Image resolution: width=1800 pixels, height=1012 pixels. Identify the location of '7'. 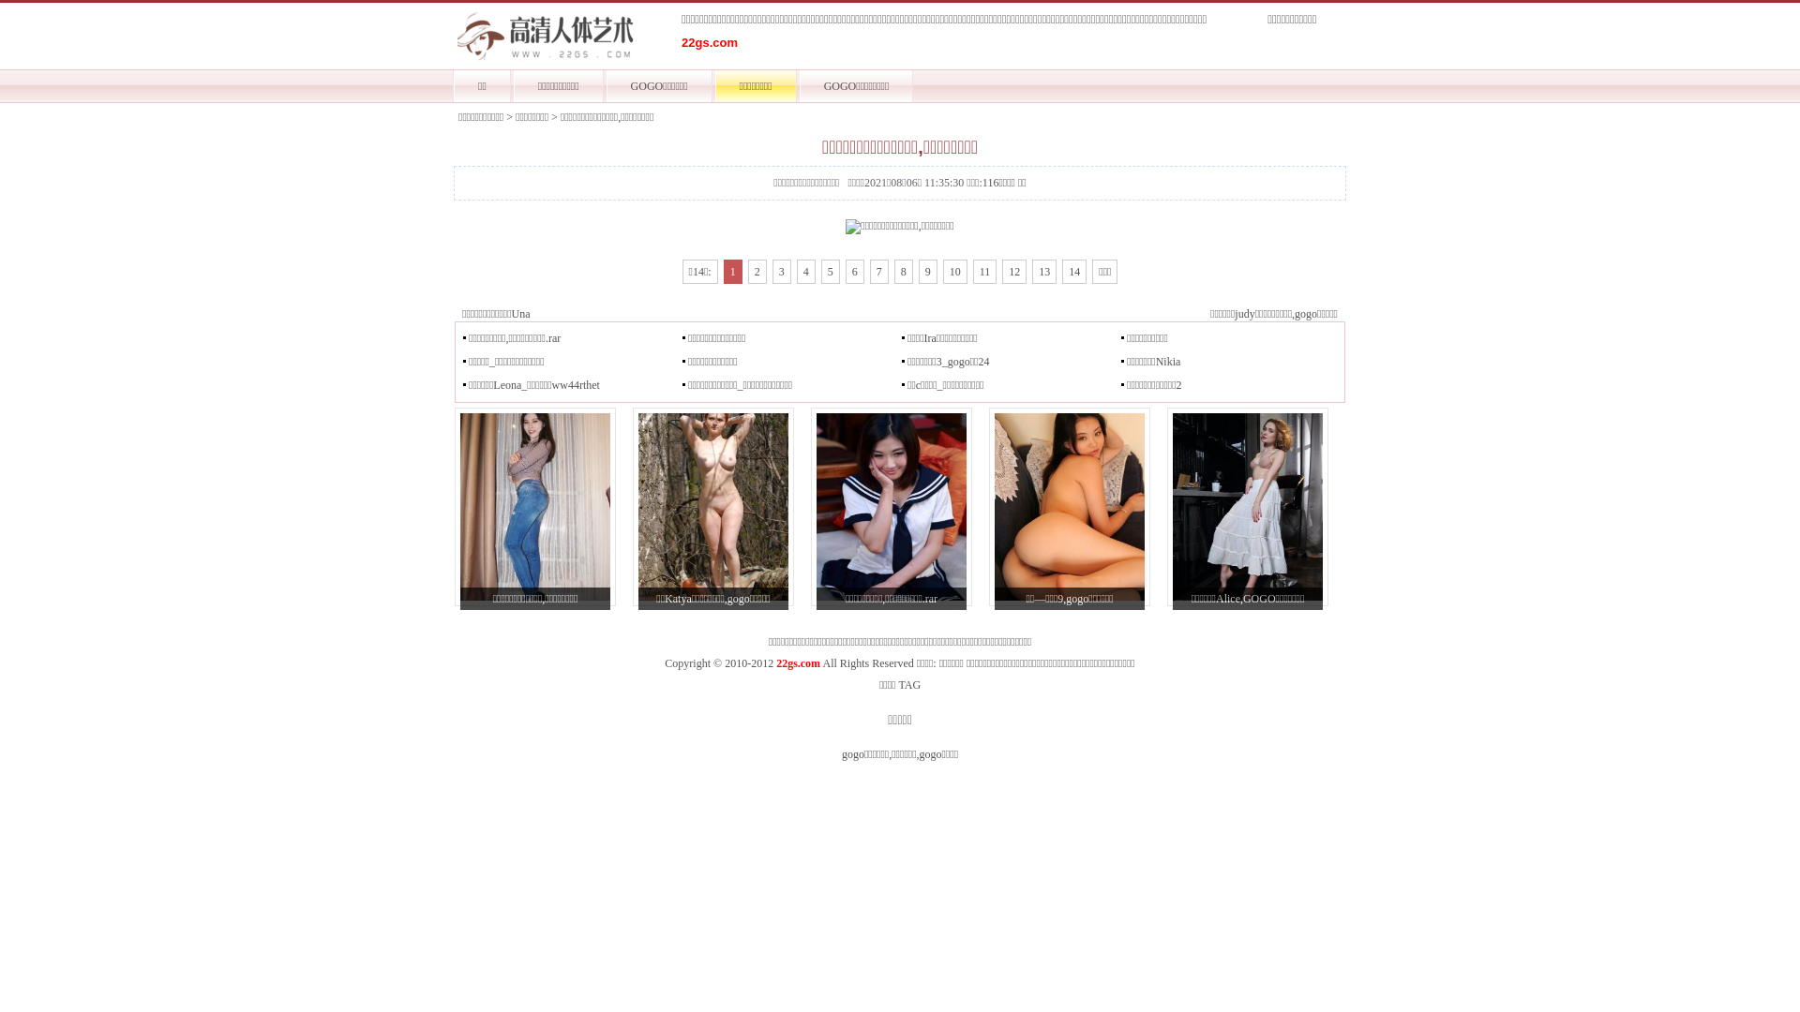
(868, 271).